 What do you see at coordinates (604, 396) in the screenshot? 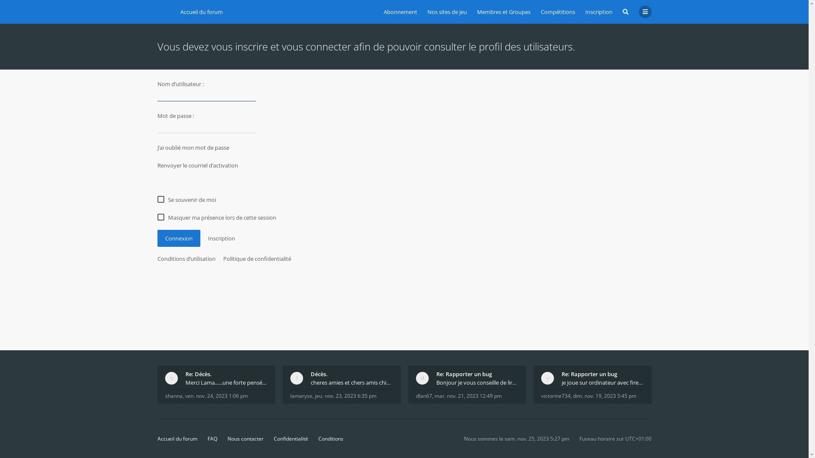
I see `'dim. nov. 19, 2023 5:45 pm'` at bounding box center [604, 396].